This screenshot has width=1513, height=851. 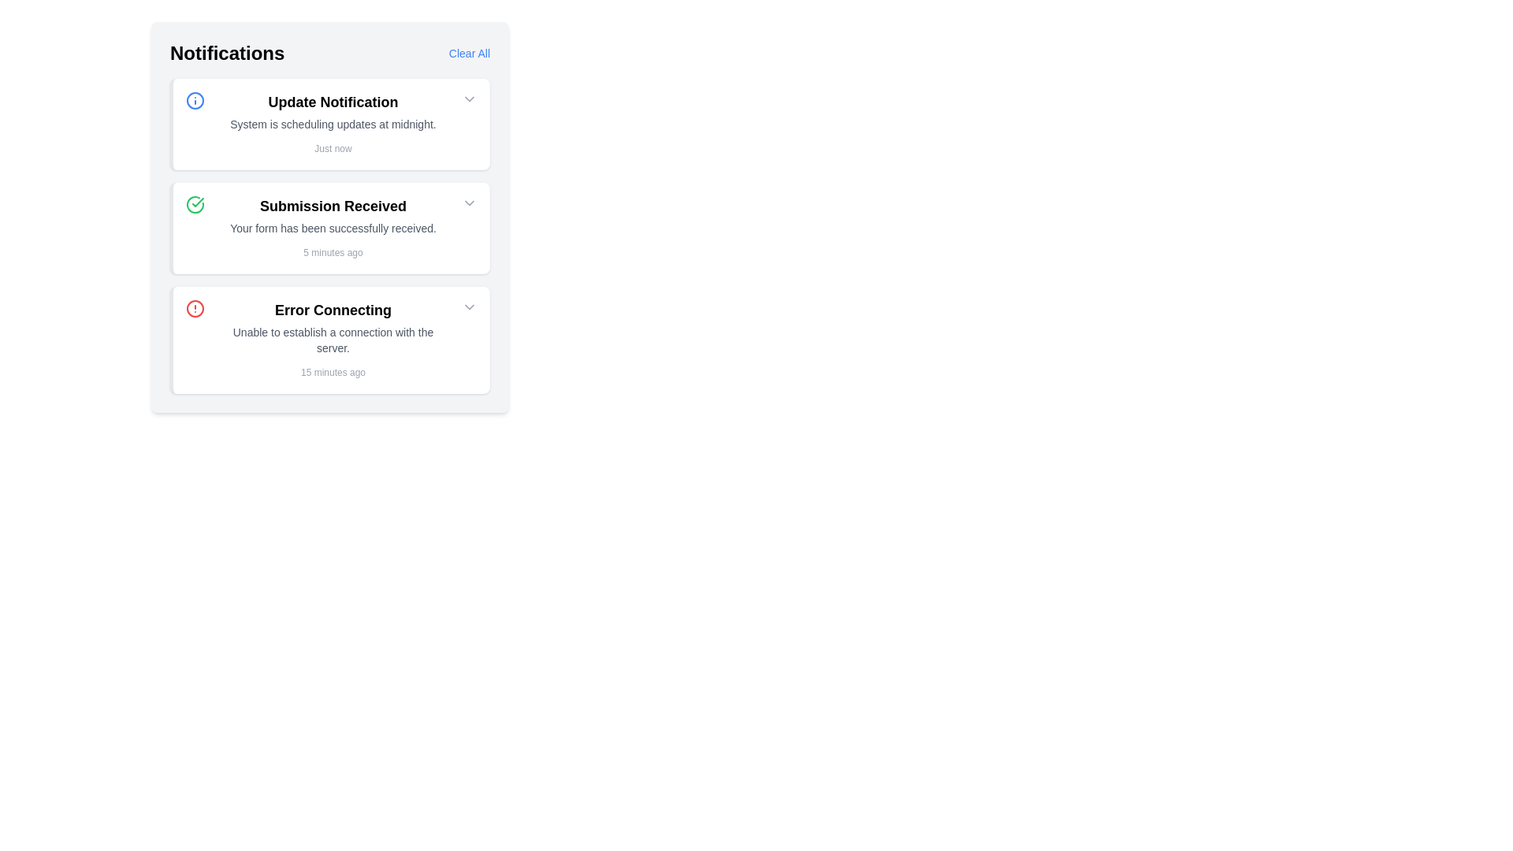 What do you see at coordinates (332, 251) in the screenshot?
I see `information from the static text label that displays '5 minutes ago', located at the bottom of the 'Submission Received' notification card` at bounding box center [332, 251].